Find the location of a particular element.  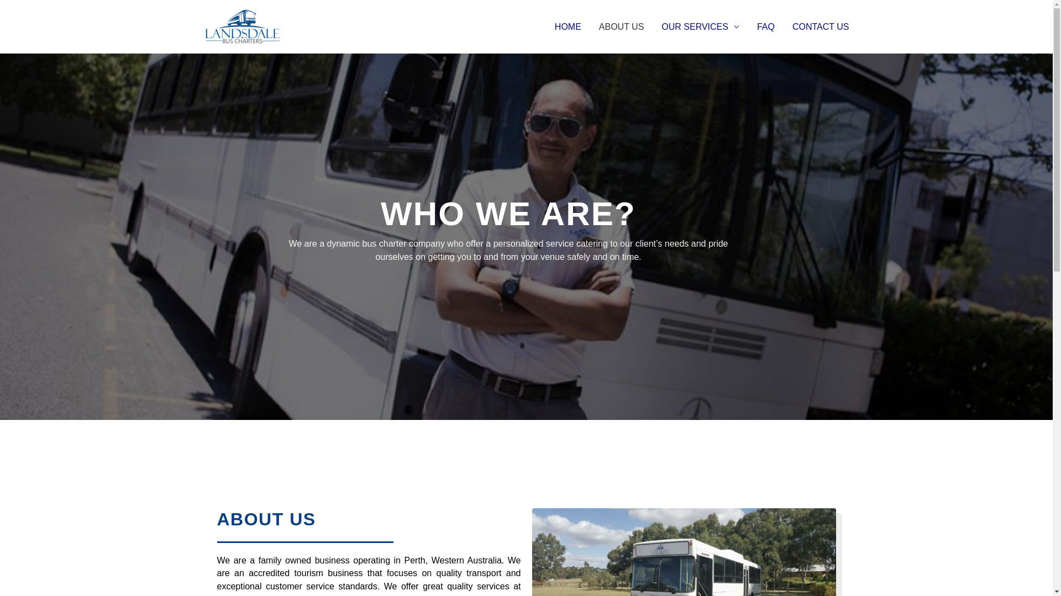

'ABOUT US' is located at coordinates (621, 25).